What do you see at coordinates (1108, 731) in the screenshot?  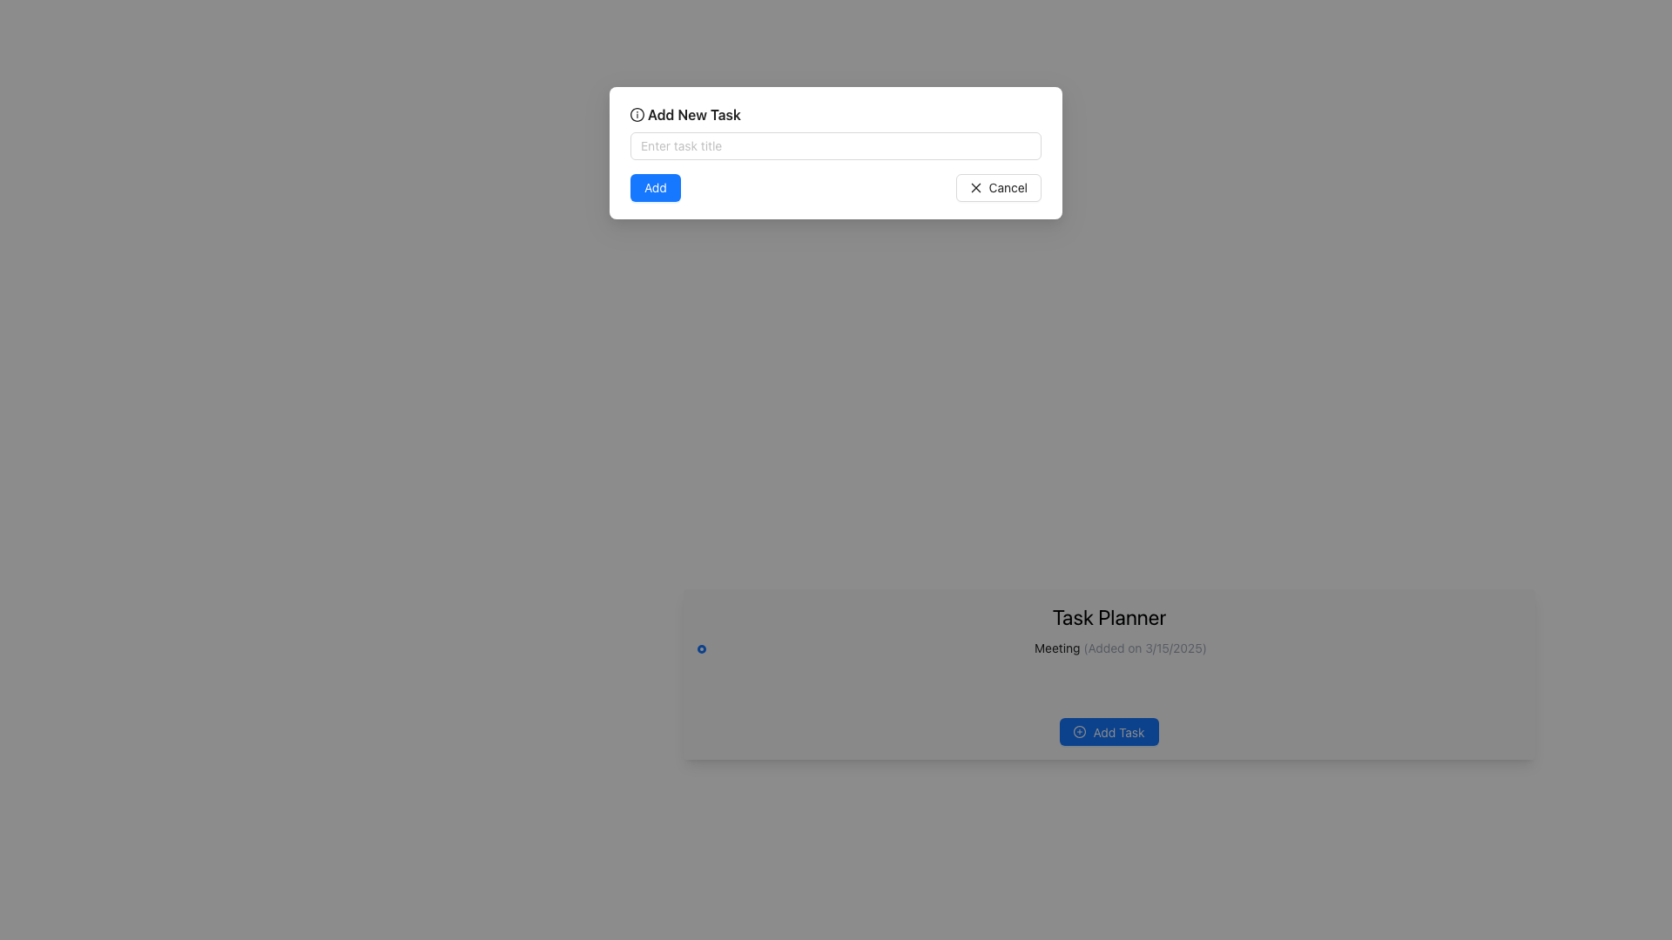 I see `the 'Add Task' button with a blue background and a plus-circle icon` at bounding box center [1108, 731].